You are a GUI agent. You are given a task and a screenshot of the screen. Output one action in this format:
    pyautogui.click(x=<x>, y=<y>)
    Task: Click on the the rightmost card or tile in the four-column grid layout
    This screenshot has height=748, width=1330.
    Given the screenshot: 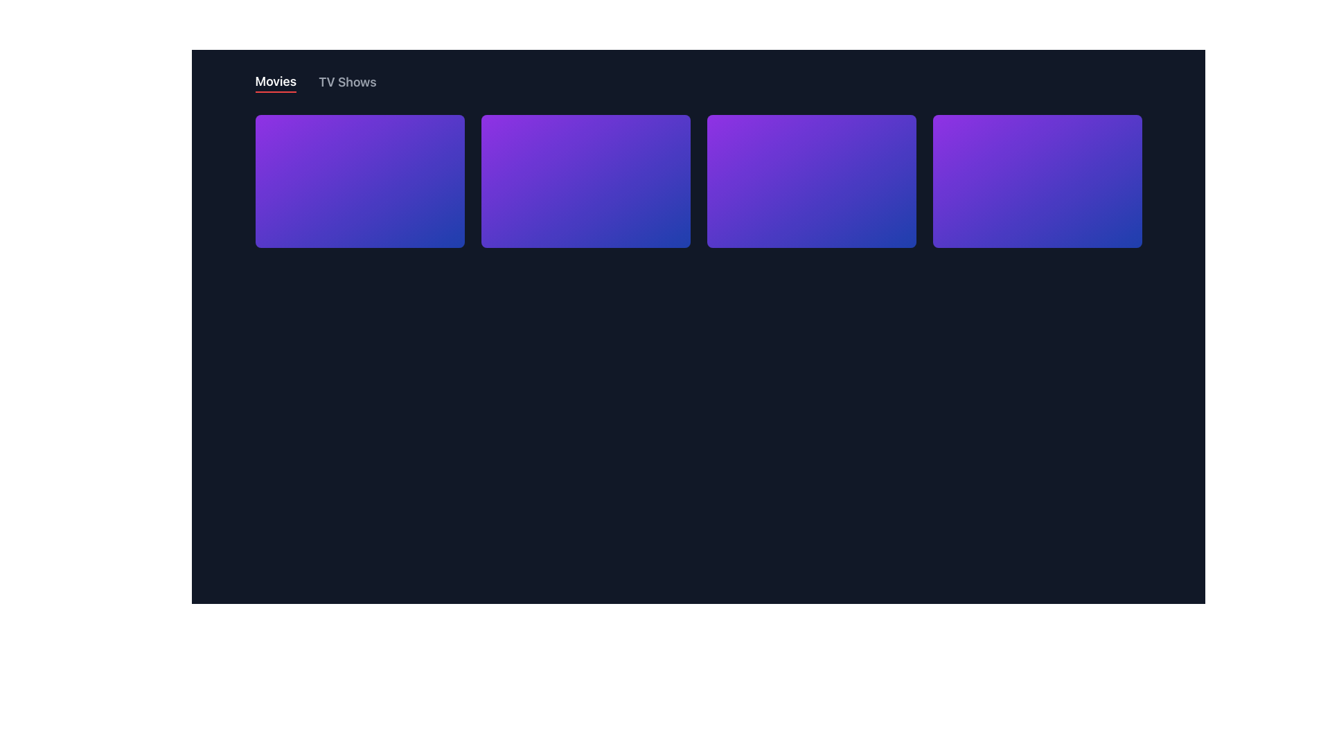 What is the action you would take?
    pyautogui.click(x=1037, y=181)
    